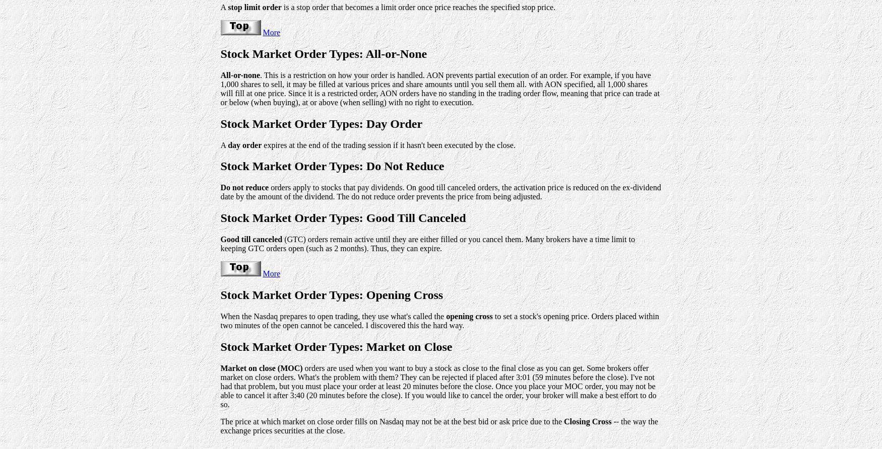 Image resolution: width=882 pixels, height=449 pixels. Describe the element at coordinates (418, 7) in the screenshot. I see `'is a stop order that becomes a limit order once price reaches the specified stop price.'` at that location.